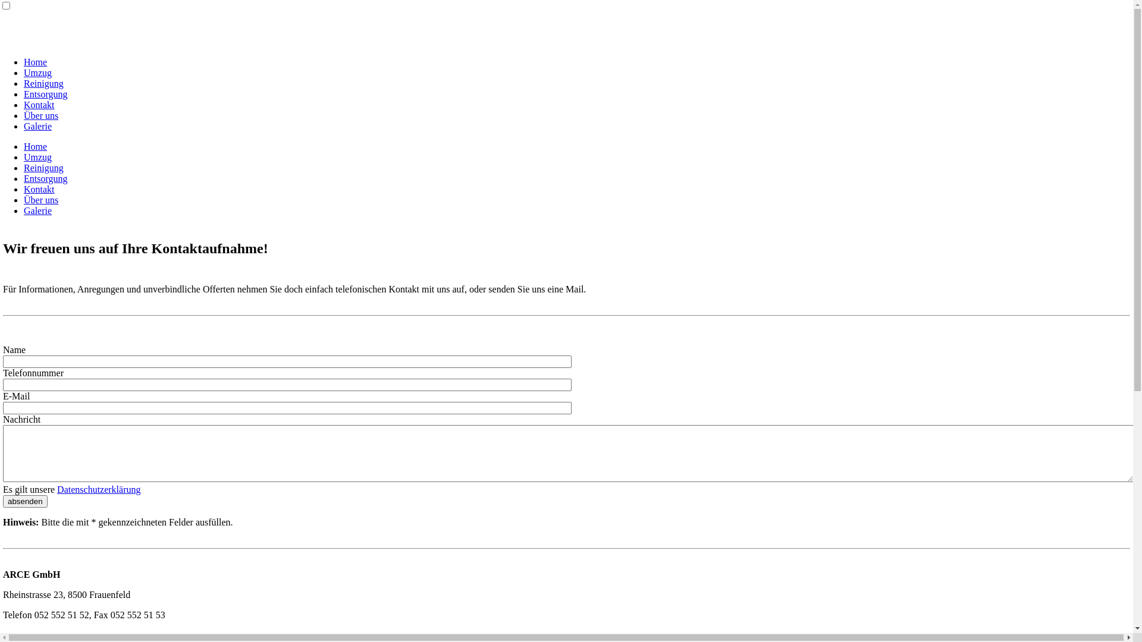  Describe the element at coordinates (45, 178) in the screenshot. I see `'Entsorgung'` at that location.